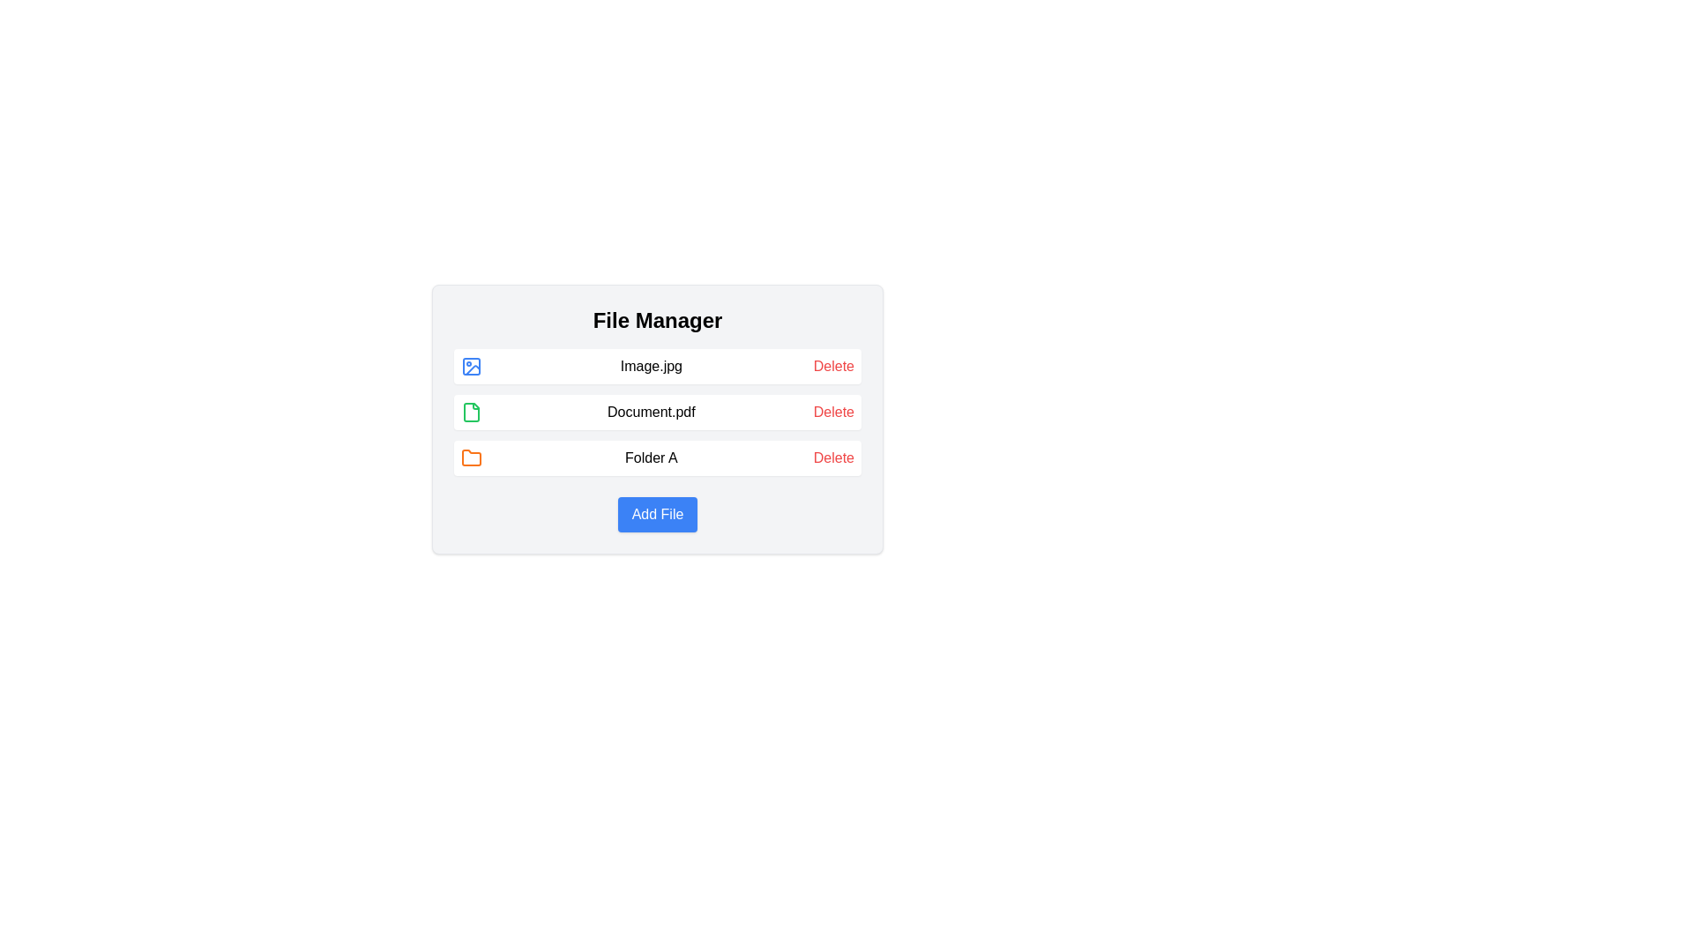 The height and width of the screenshot is (952, 1693). What do you see at coordinates (473, 369) in the screenshot?
I see `the row containing the slanted line icon in the File Manager list, located on the left side of the first row` at bounding box center [473, 369].